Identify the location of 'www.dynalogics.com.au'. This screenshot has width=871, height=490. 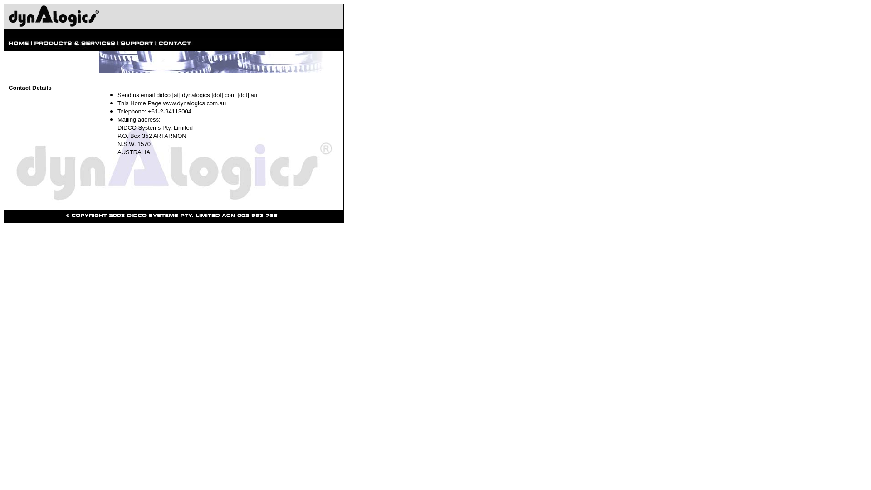
(194, 103).